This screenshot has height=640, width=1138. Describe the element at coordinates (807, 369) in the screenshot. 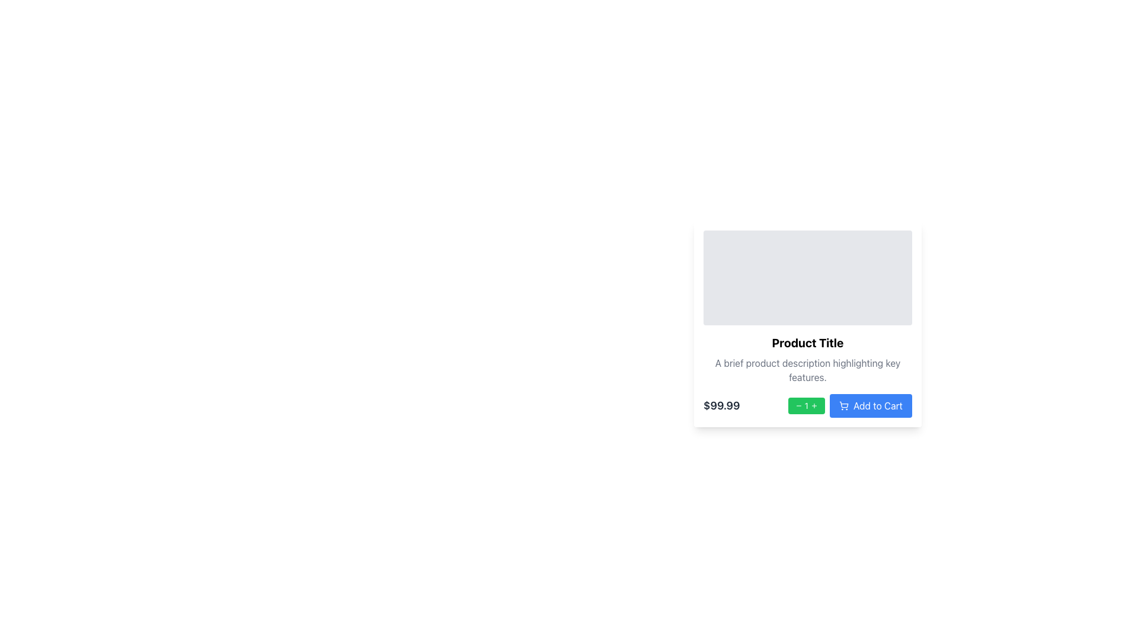

I see `text label displaying 'A brief product description highlighting key features.' located centrally within the card, positioned below the 'Product Title' and above the price '$99.99'` at that location.